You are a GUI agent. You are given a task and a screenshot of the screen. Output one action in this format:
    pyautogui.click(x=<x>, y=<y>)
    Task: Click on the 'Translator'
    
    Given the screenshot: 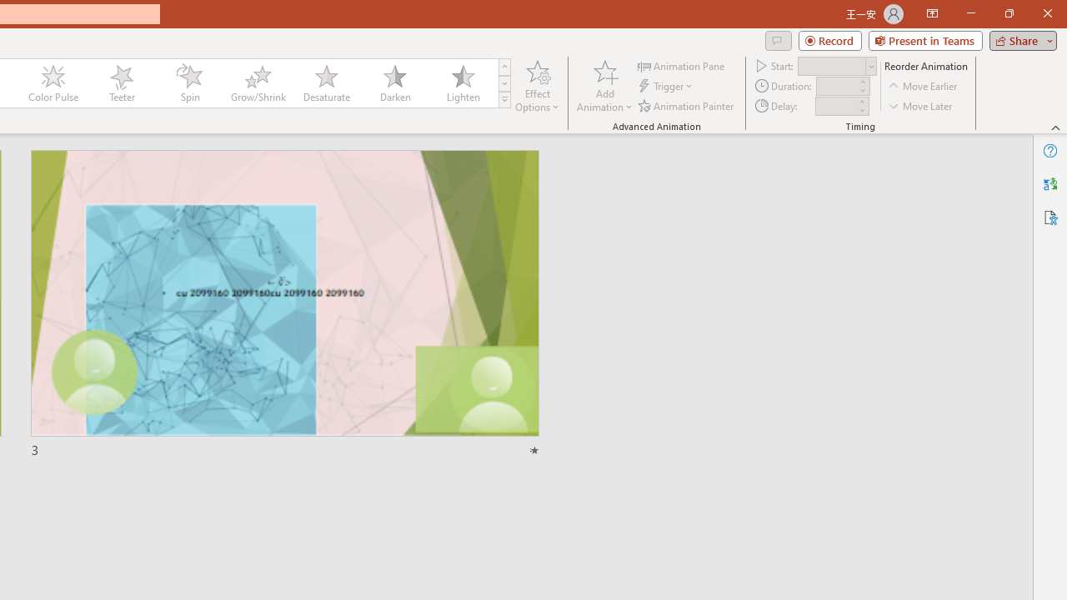 What is the action you would take?
    pyautogui.click(x=1049, y=184)
    